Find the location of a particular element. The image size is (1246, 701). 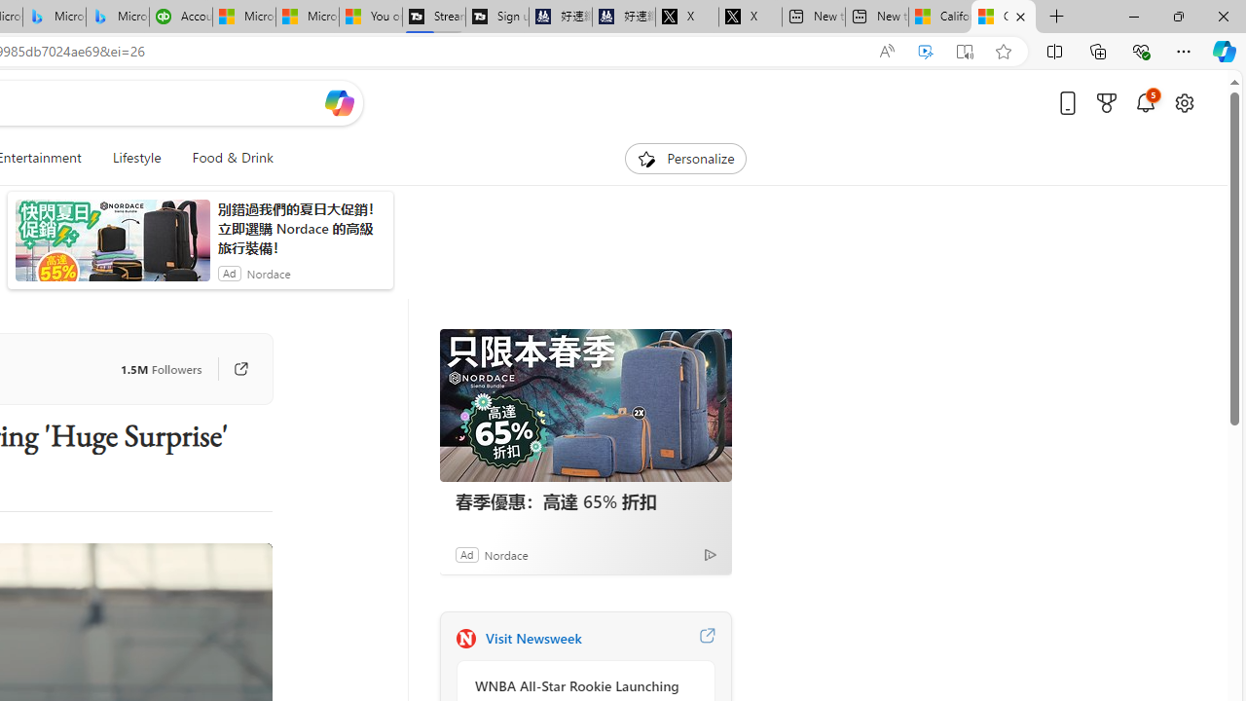

'Food & Drink' is located at coordinates (225, 158).